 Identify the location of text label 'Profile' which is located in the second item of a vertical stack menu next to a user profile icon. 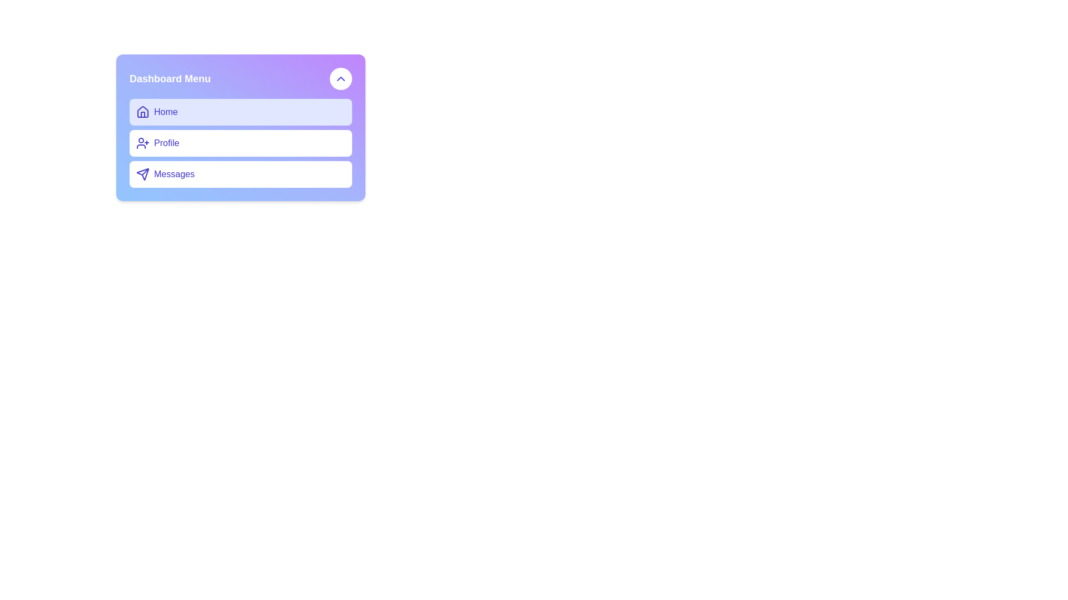
(166, 143).